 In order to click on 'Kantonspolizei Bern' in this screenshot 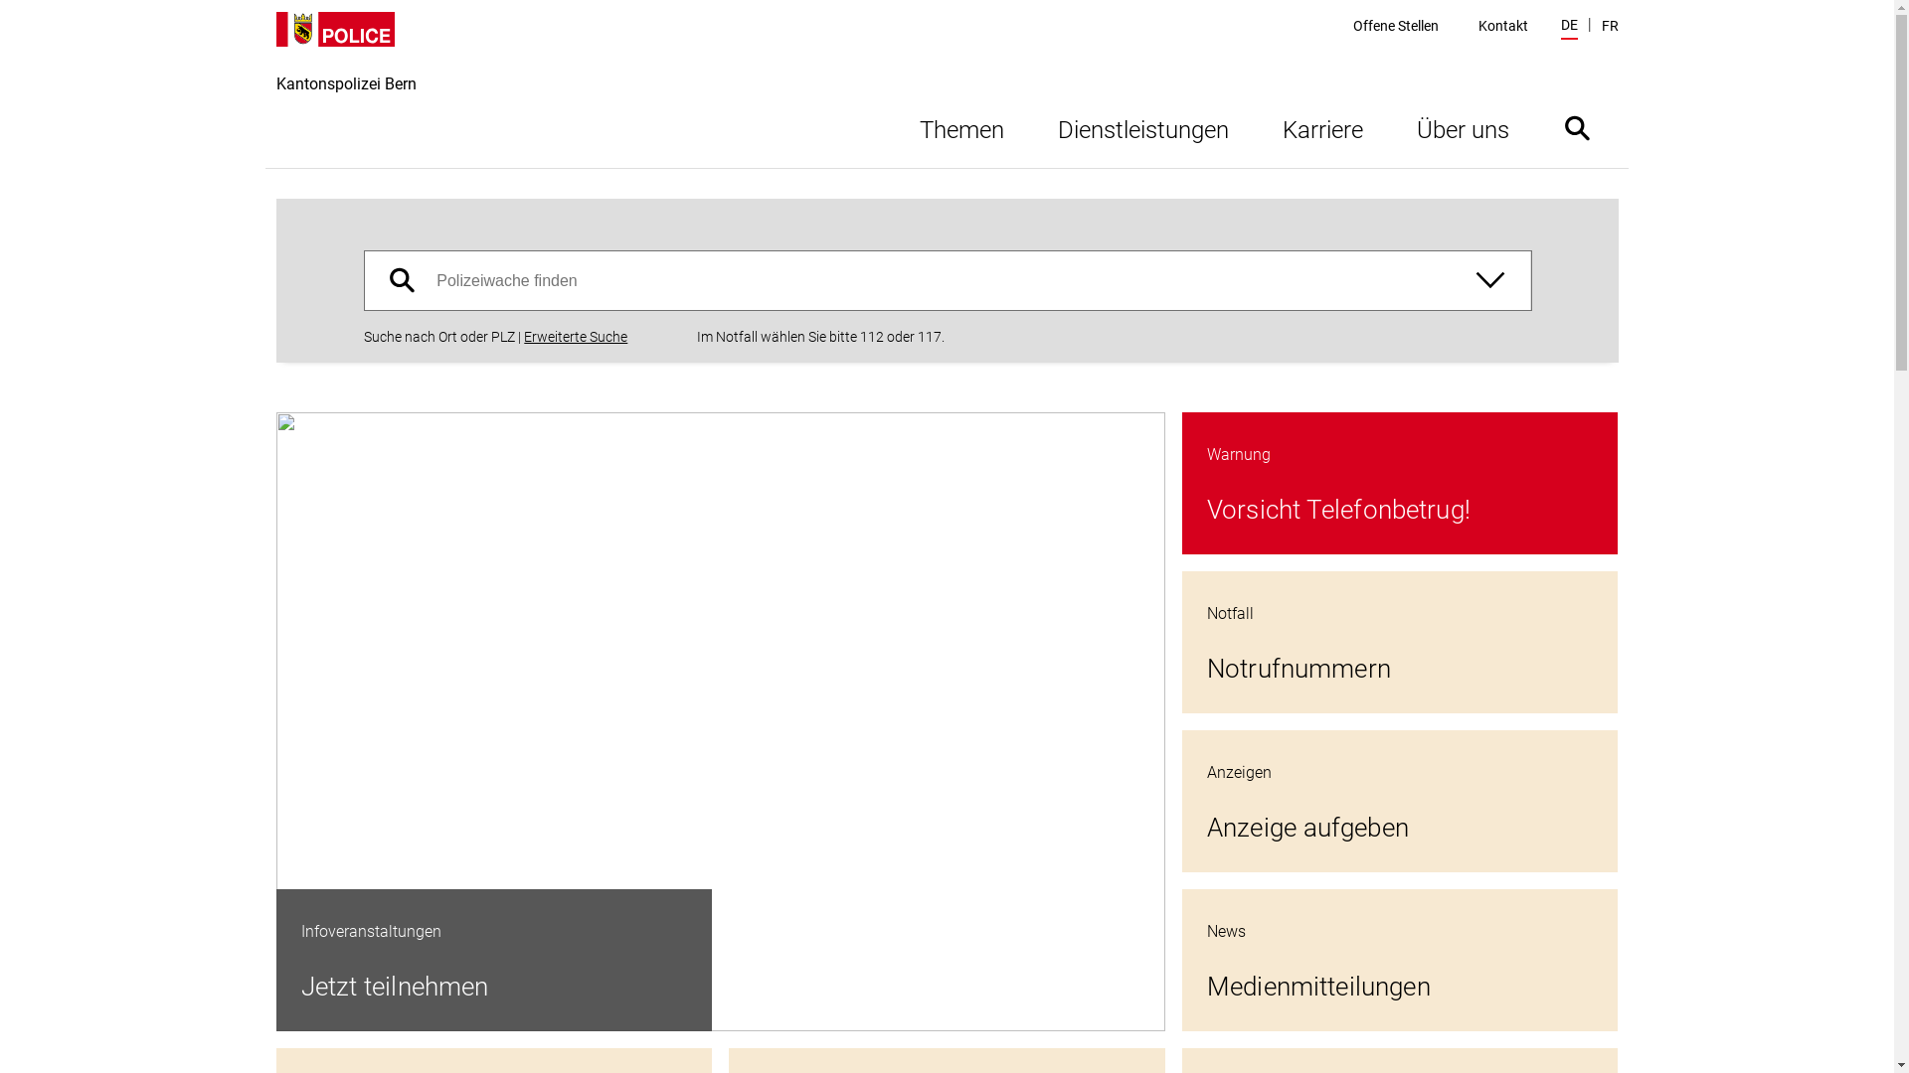, I will do `click(275, 87)`.